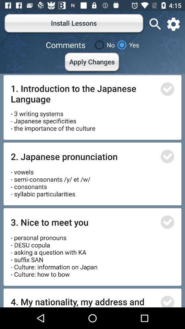  What do you see at coordinates (155, 24) in the screenshot?
I see `the search icon` at bounding box center [155, 24].